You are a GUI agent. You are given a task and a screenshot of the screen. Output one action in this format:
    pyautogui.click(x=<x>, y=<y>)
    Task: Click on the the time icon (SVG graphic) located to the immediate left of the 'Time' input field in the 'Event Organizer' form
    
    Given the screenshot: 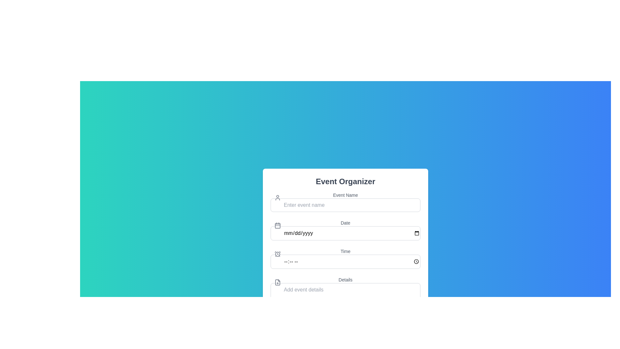 What is the action you would take?
    pyautogui.click(x=277, y=253)
    